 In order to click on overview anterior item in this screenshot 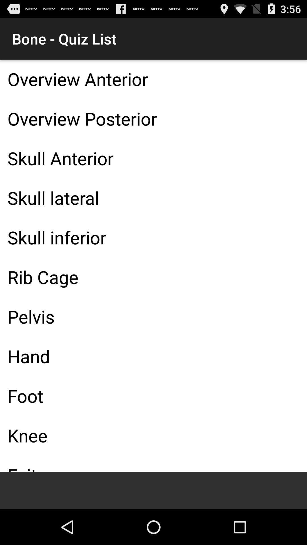, I will do `click(153, 79)`.